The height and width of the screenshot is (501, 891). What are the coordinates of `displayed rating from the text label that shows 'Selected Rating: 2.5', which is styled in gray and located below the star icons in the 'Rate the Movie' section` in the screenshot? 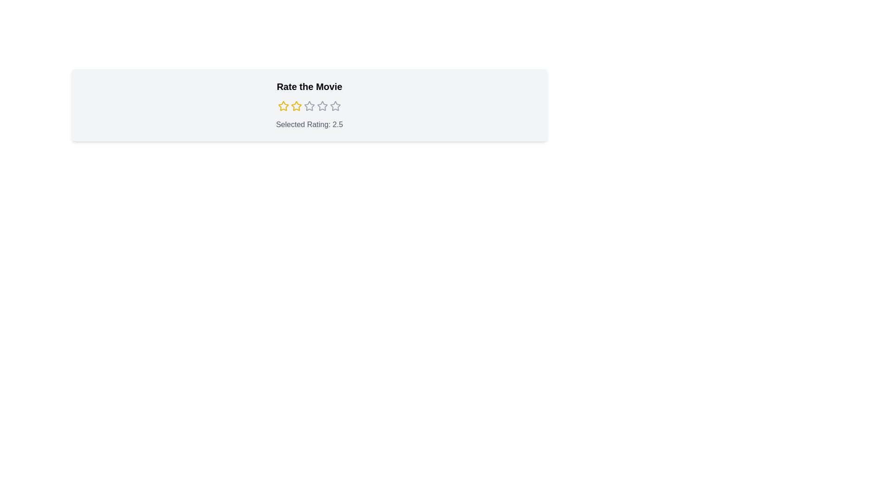 It's located at (310, 124).